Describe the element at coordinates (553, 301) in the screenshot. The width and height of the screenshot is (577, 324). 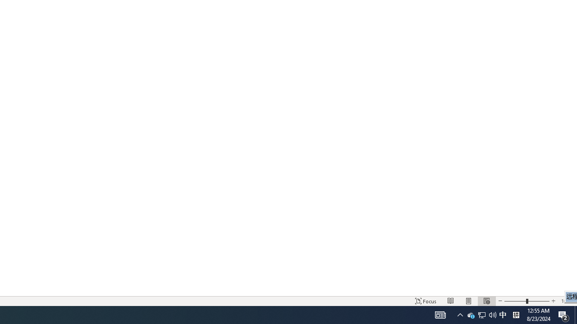
I see `'Zoom In'` at that location.